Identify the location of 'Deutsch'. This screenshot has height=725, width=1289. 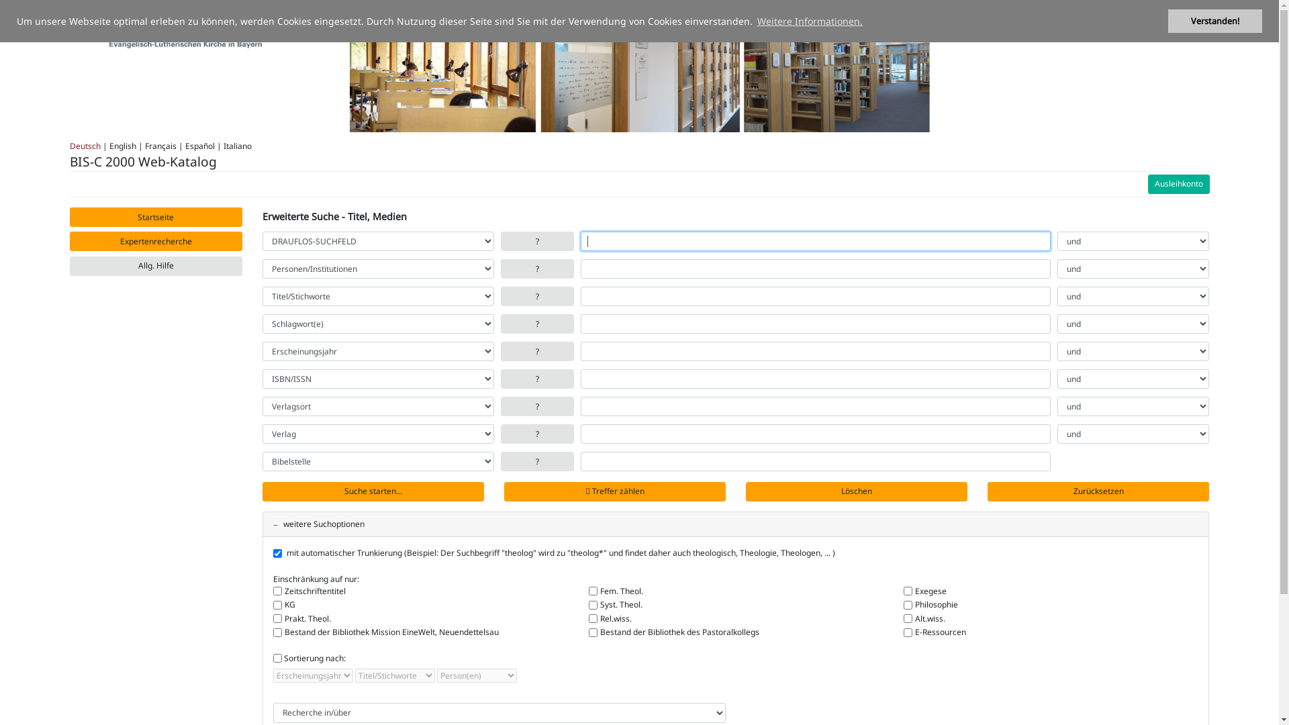
(84, 146).